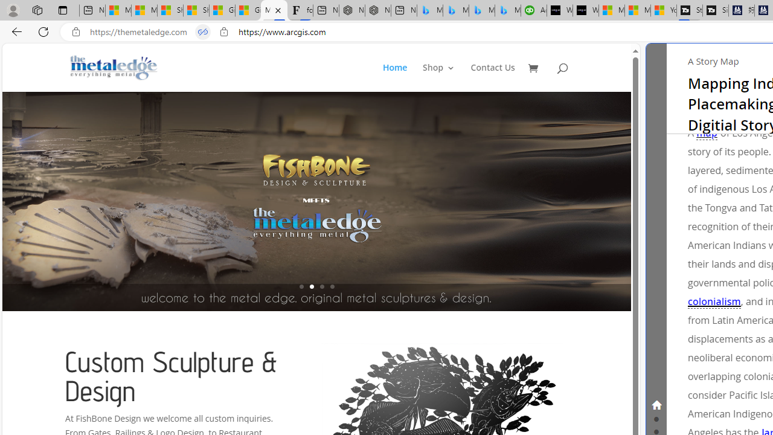  I want to click on '2', so click(311, 286).